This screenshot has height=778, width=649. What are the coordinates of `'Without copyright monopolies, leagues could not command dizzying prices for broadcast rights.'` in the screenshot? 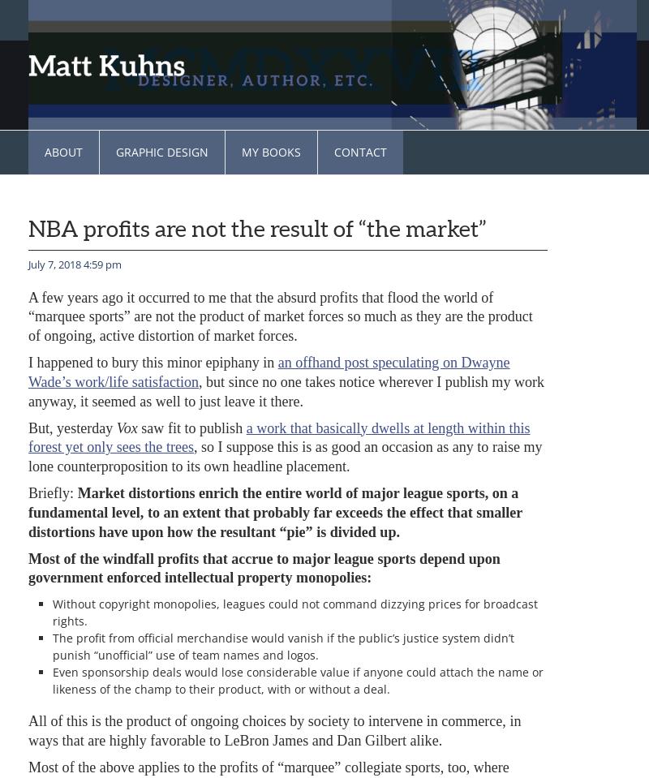 It's located at (52, 613).